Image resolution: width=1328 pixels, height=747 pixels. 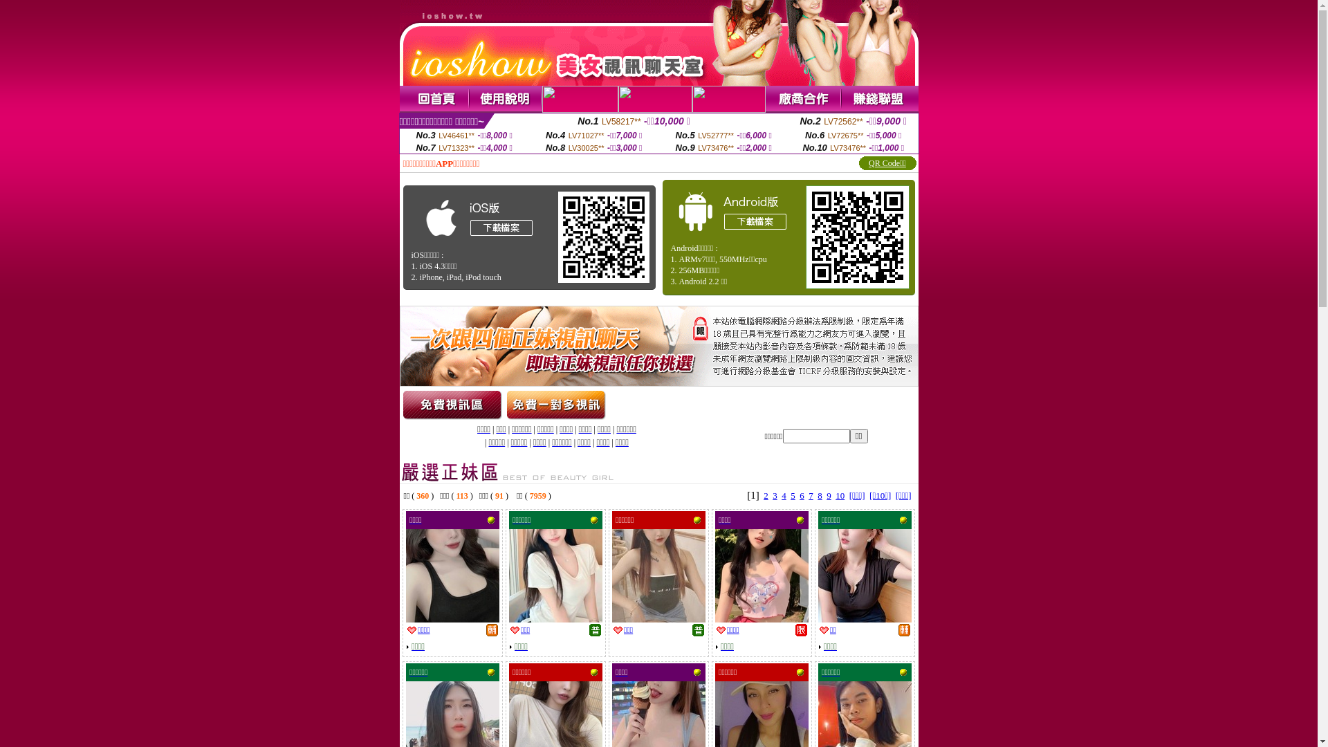 What do you see at coordinates (827, 495) in the screenshot?
I see `'9'` at bounding box center [827, 495].